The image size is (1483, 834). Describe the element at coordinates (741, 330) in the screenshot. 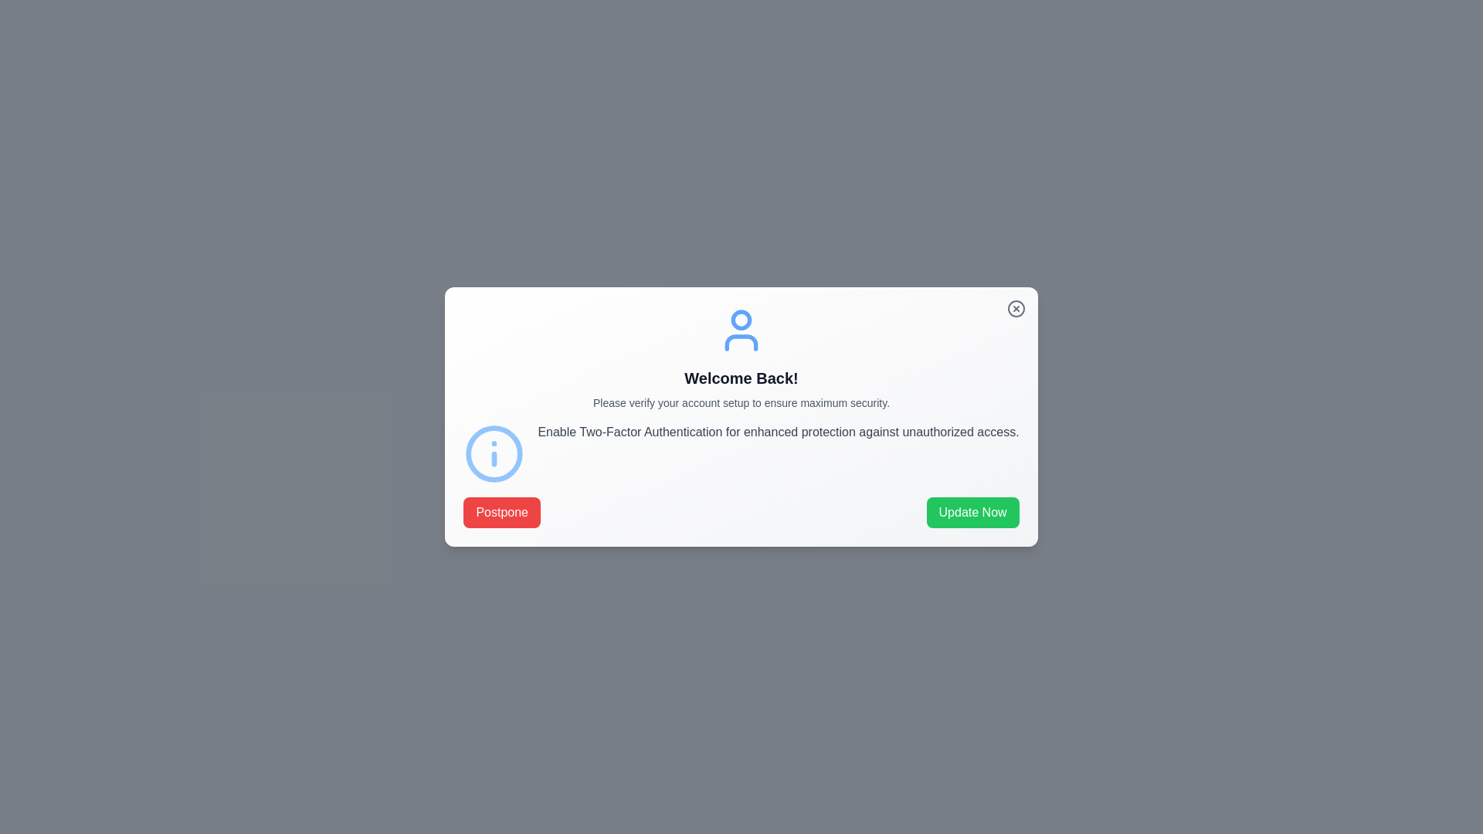

I see `the user avatar icon to initiate profile actions` at that location.